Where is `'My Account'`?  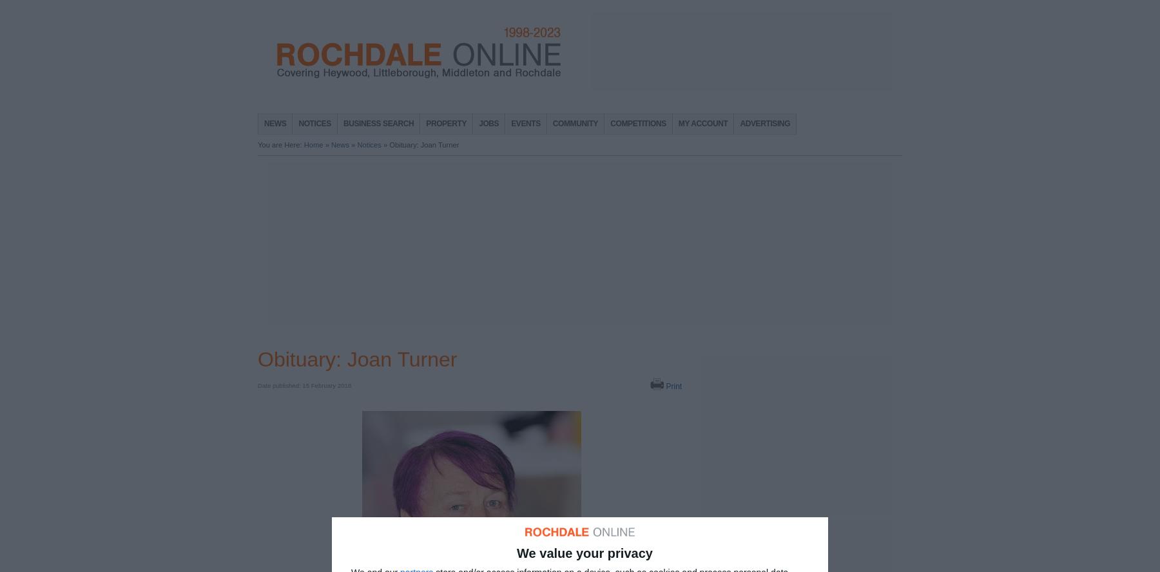 'My Account' is located at coordinates (702, 122).